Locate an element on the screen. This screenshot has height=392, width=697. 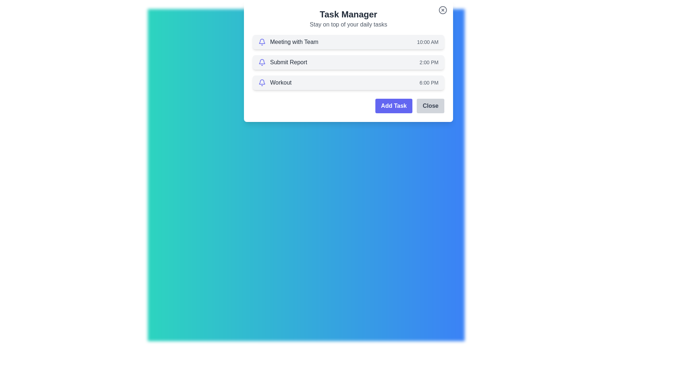
the 'Submit Report' text label, which is displayed in gray font and is the second item in a vertically stacked list interface is located at coordinates (288, 62).